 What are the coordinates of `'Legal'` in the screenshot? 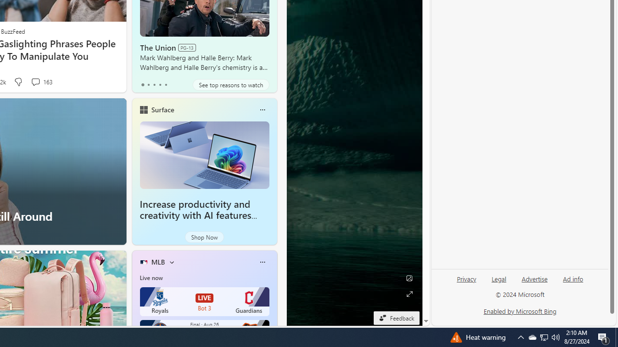 It's located at (499, 282).